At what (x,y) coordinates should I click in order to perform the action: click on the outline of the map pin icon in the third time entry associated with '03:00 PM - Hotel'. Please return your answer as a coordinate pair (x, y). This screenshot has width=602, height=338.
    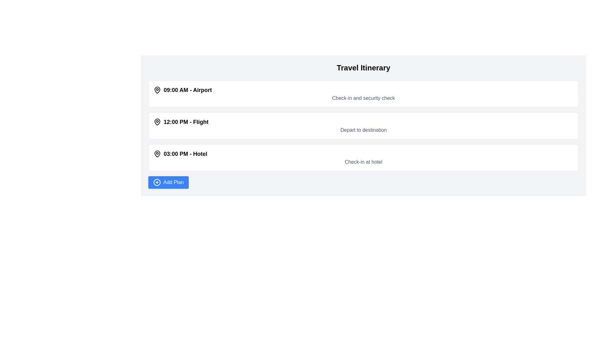
    Looking at the image, I should click on (157, 153).